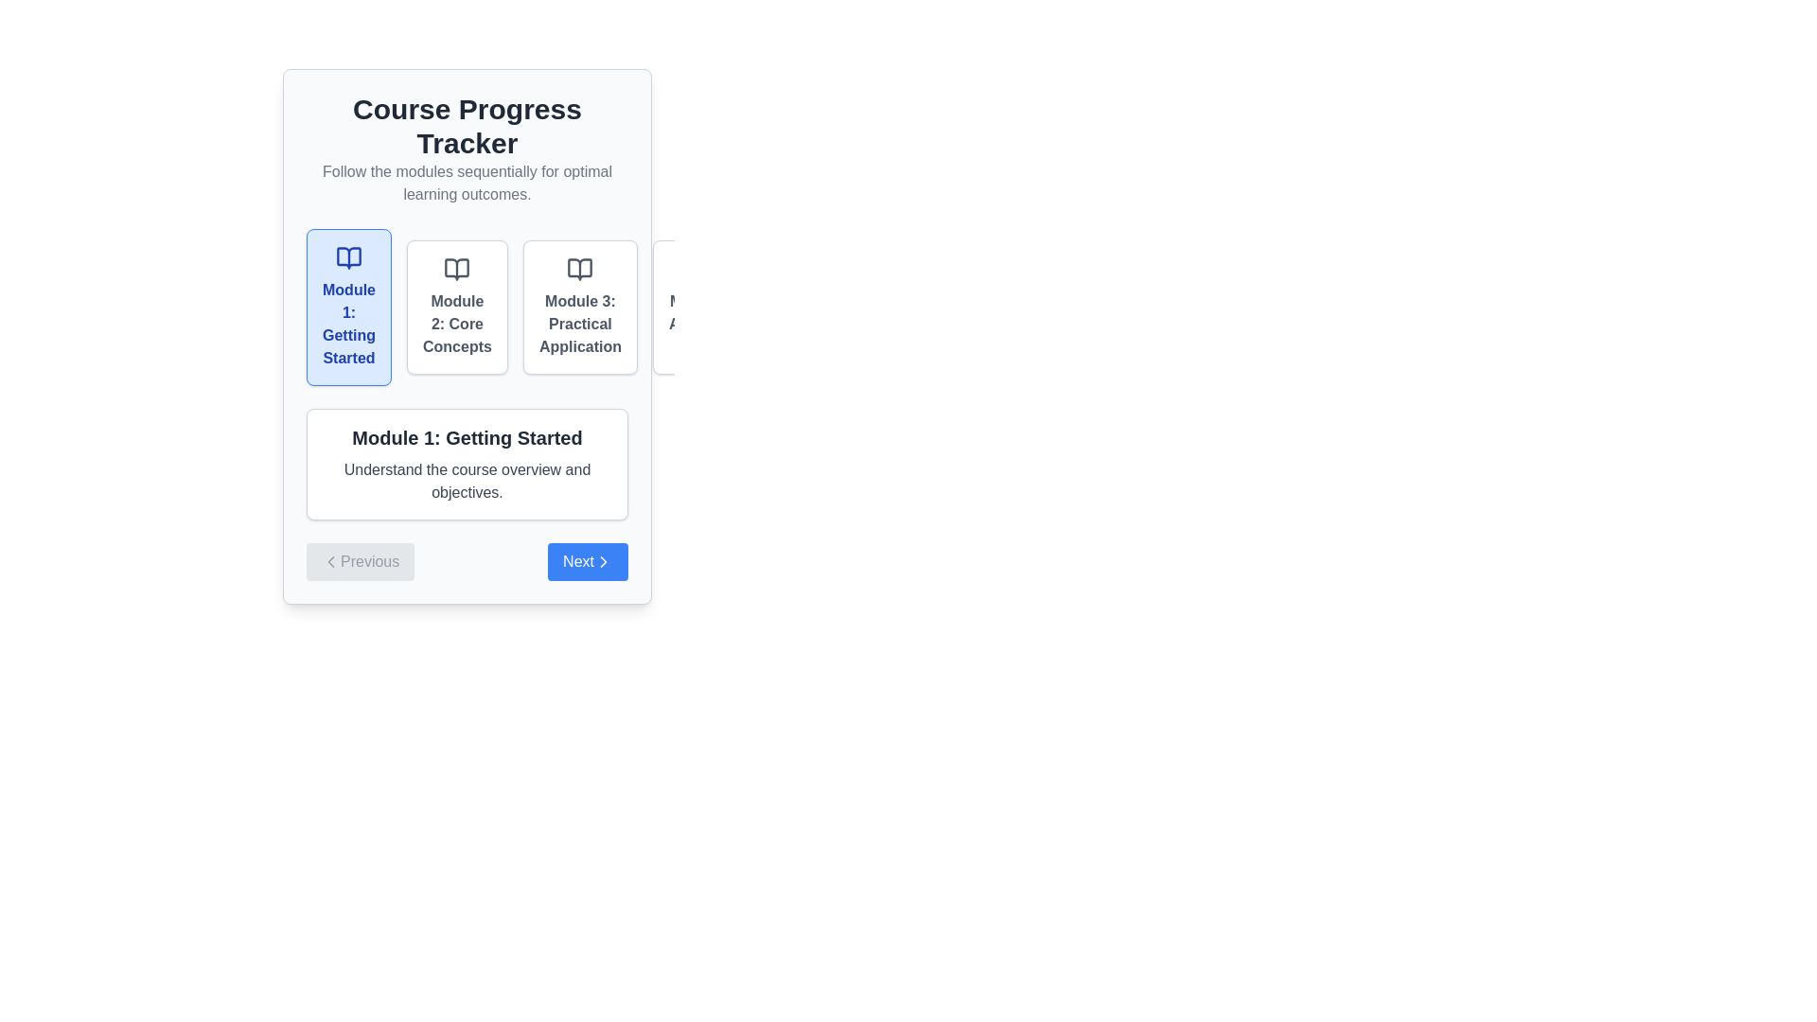  I want to click on the second module in the horizontally aligned Selector group, which is indicated by its distinct styling and is focusable, using keyboard navigation, so click(467, 306).